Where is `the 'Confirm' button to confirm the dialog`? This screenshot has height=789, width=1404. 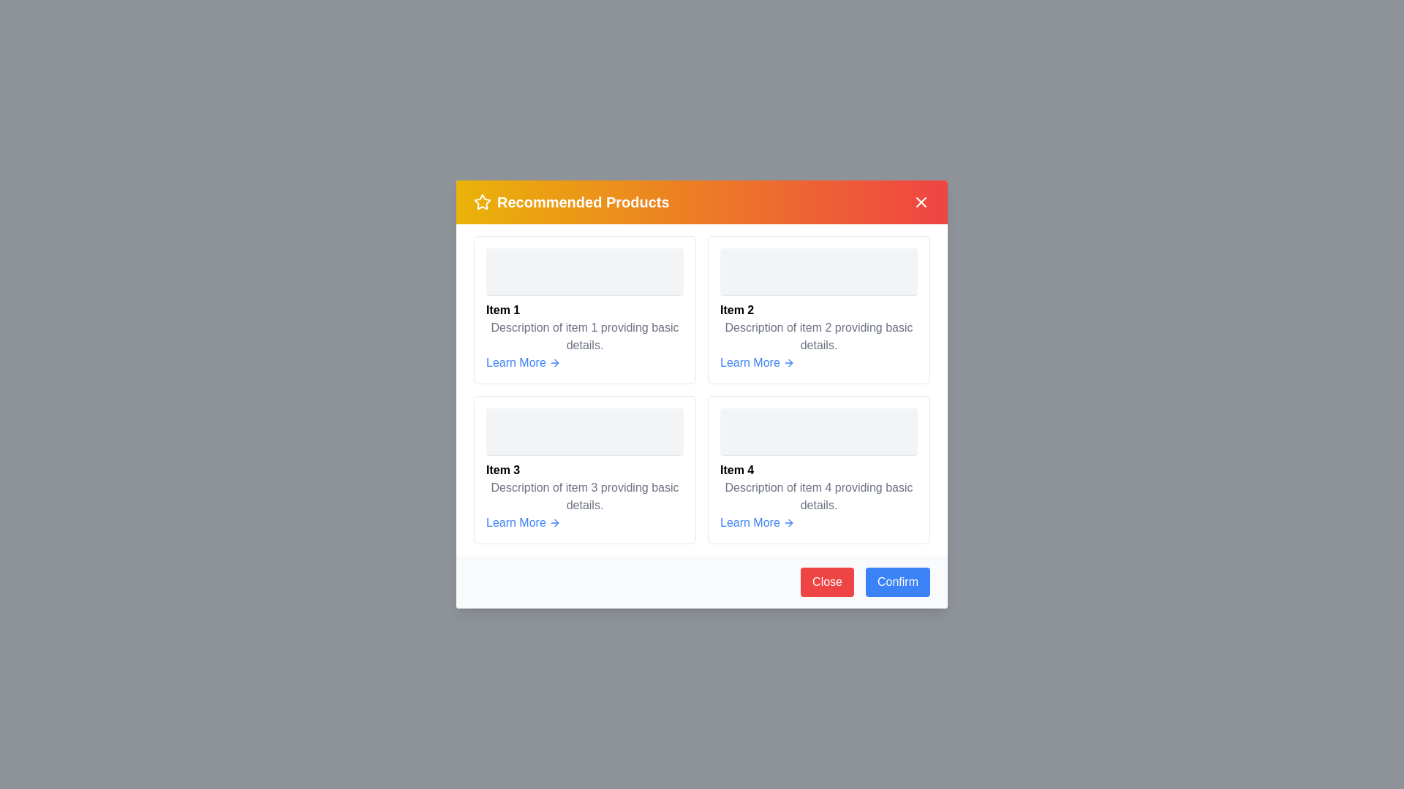 the 'Confirm' button to confirm the dialog is located at coordinates (897, 582).